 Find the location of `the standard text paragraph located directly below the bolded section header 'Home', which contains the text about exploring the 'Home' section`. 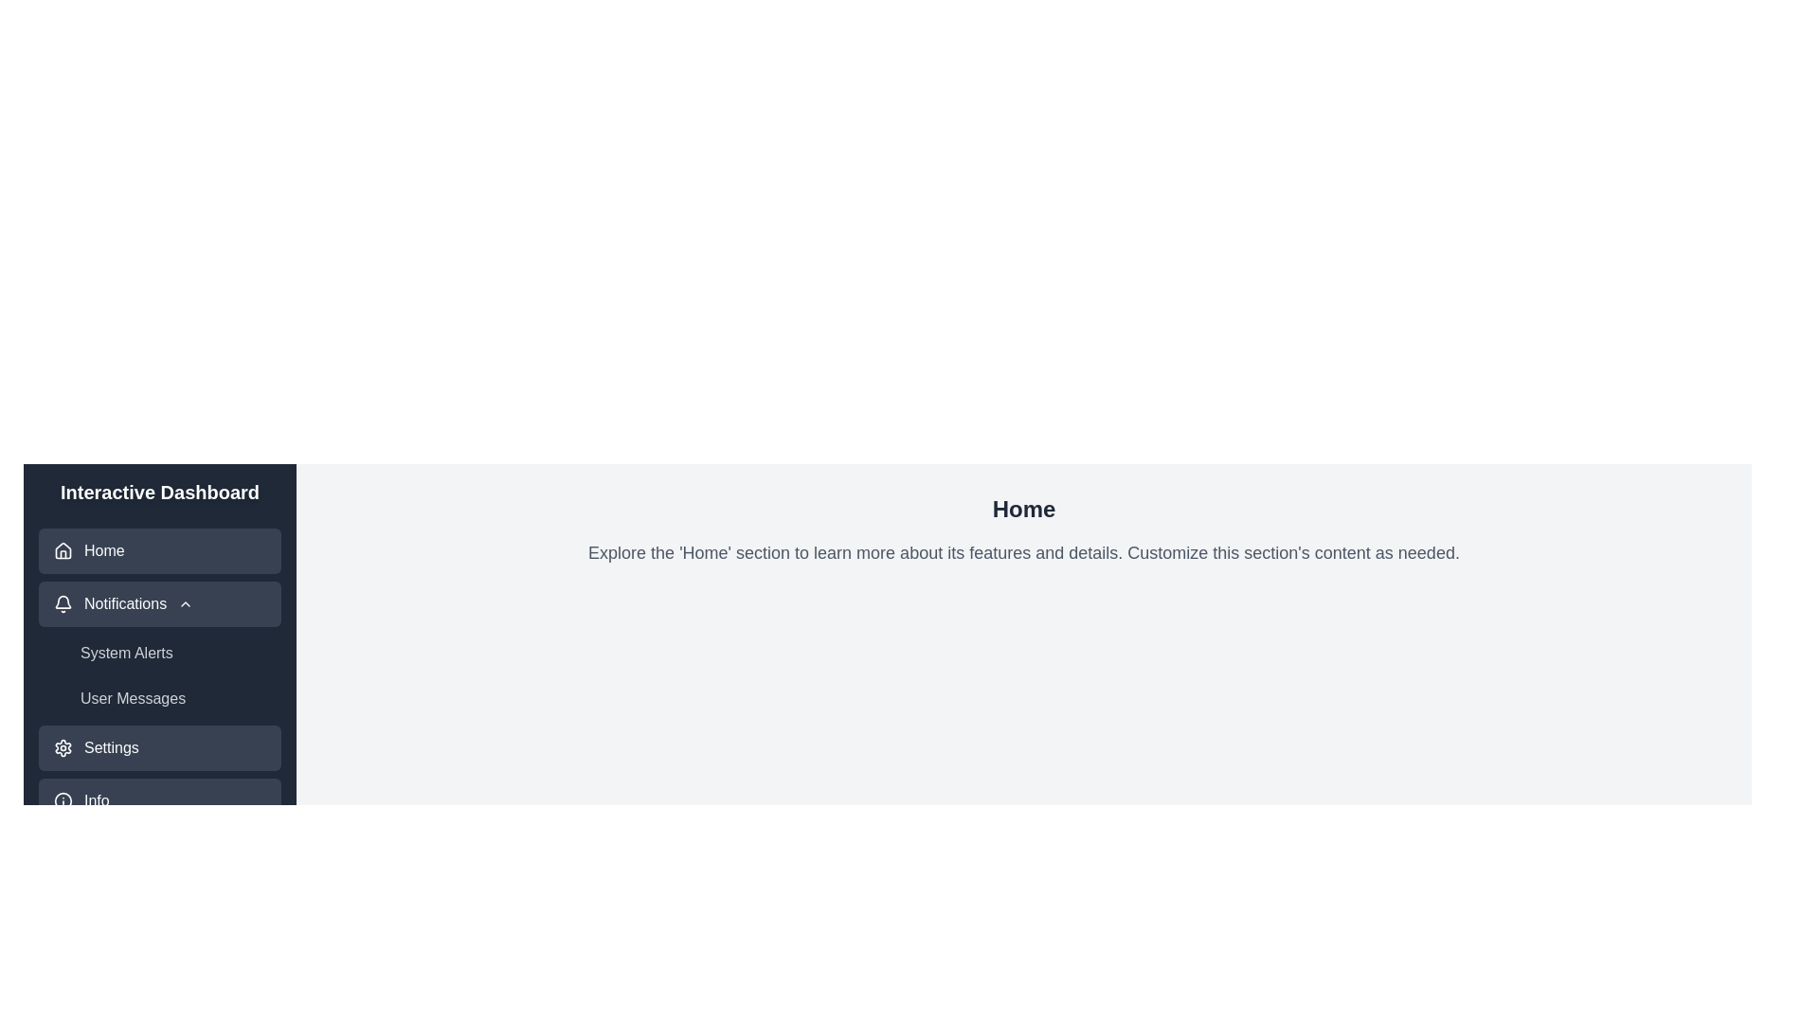

the standard text paragraph located directly below the bolded section header 'Home', which contains the text about exploring the 'Home' section is located at coordinates (1022, 552).